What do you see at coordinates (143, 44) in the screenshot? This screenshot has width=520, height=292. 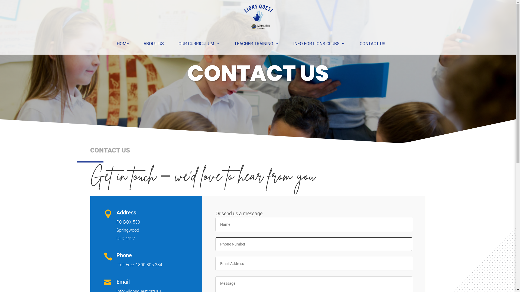 I see `'ABOUT US'` at bounding box center [143, 44].